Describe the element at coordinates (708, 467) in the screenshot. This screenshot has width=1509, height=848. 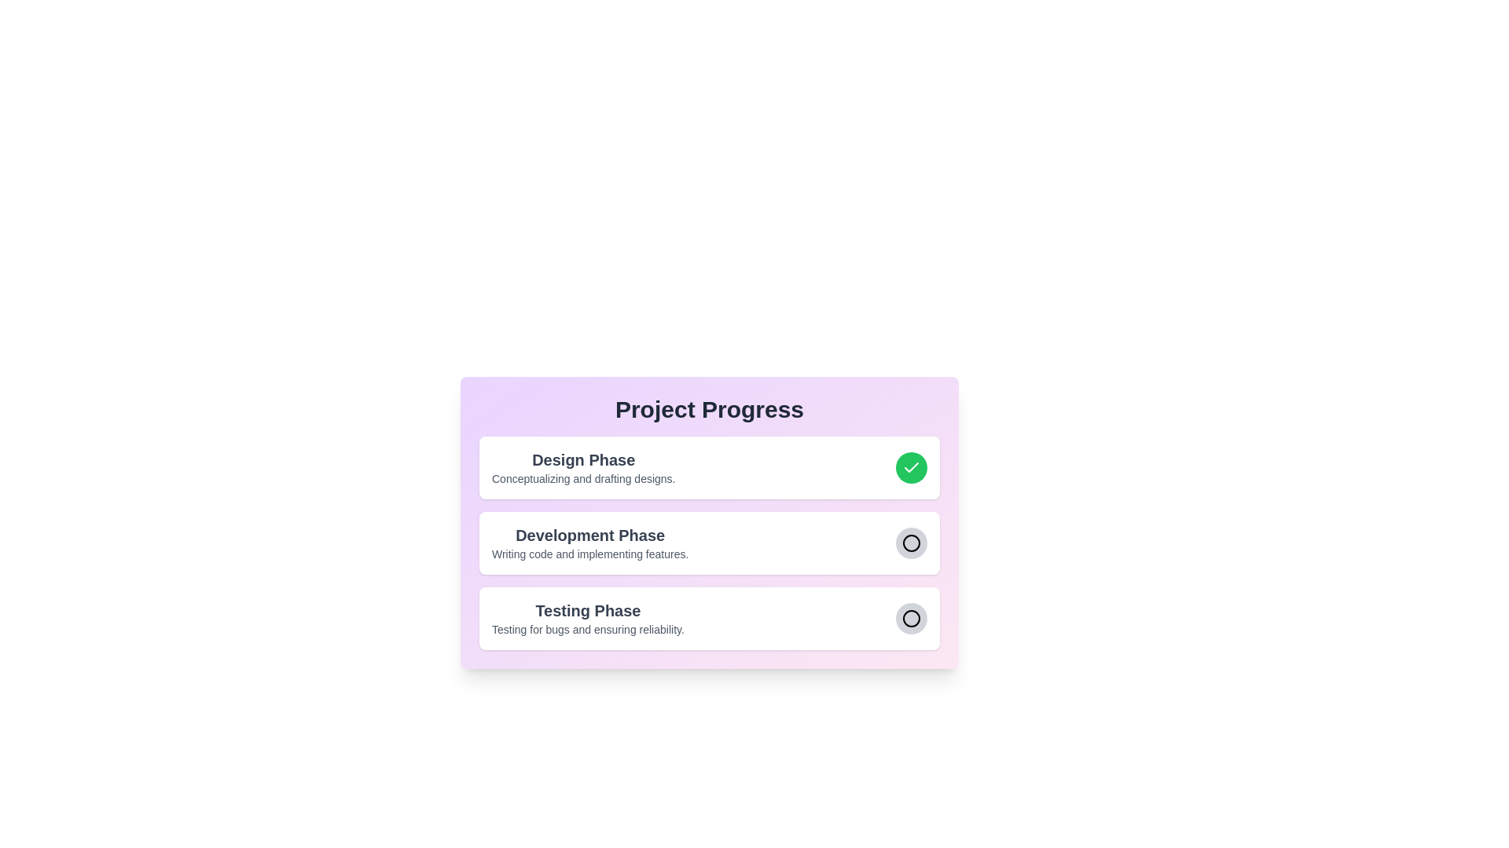
I see `the 'Design Phase' informational card with a progress indicator, which is the first card in a vertically-stacked list of project workflow steps` at that location.